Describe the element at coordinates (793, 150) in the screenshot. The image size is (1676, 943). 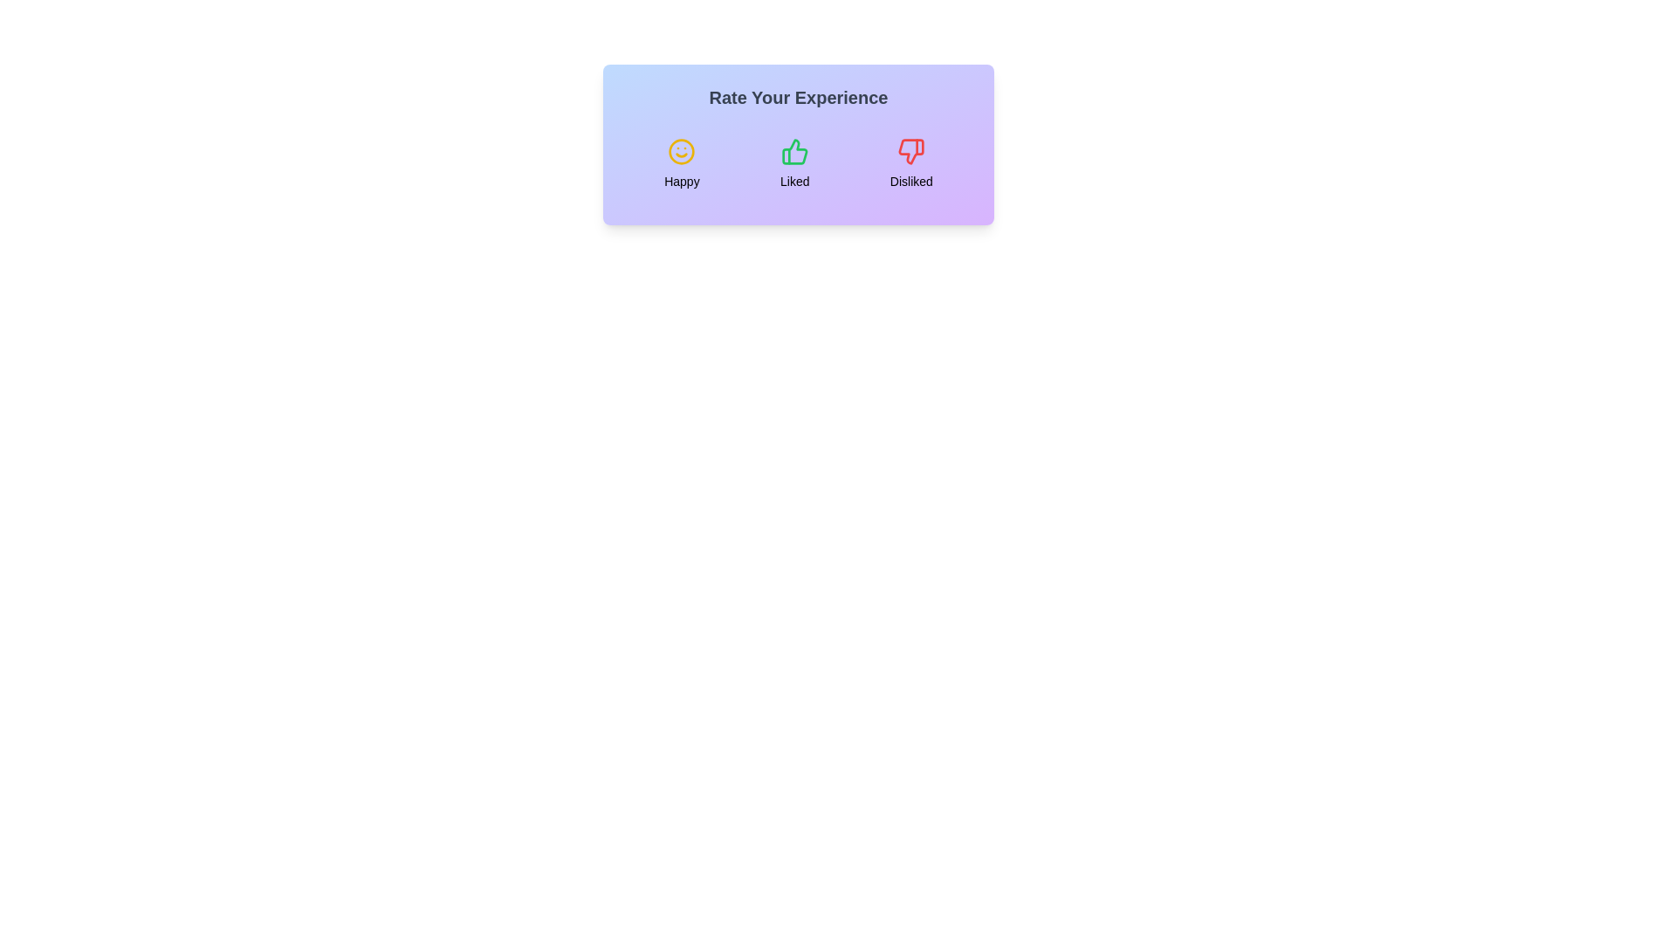
I see `the green thumbs-up icon, which is the middle element in a row of three interactive icons labeled 'Happy,' 'Liked,' and 'Disliked.'` at that location.